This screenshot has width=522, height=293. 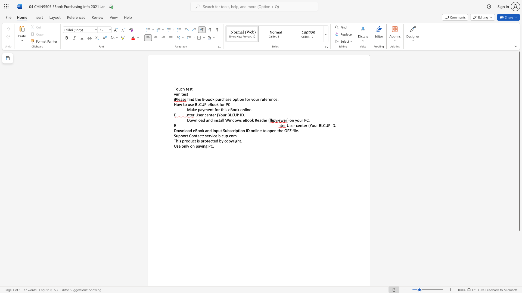 What do you see at coordinates (321, 125) in the screenshot?
I see `the subset text "LCUP ID." within the text "User center (Your BLCUP ID."` at bounding box center [321, 125].